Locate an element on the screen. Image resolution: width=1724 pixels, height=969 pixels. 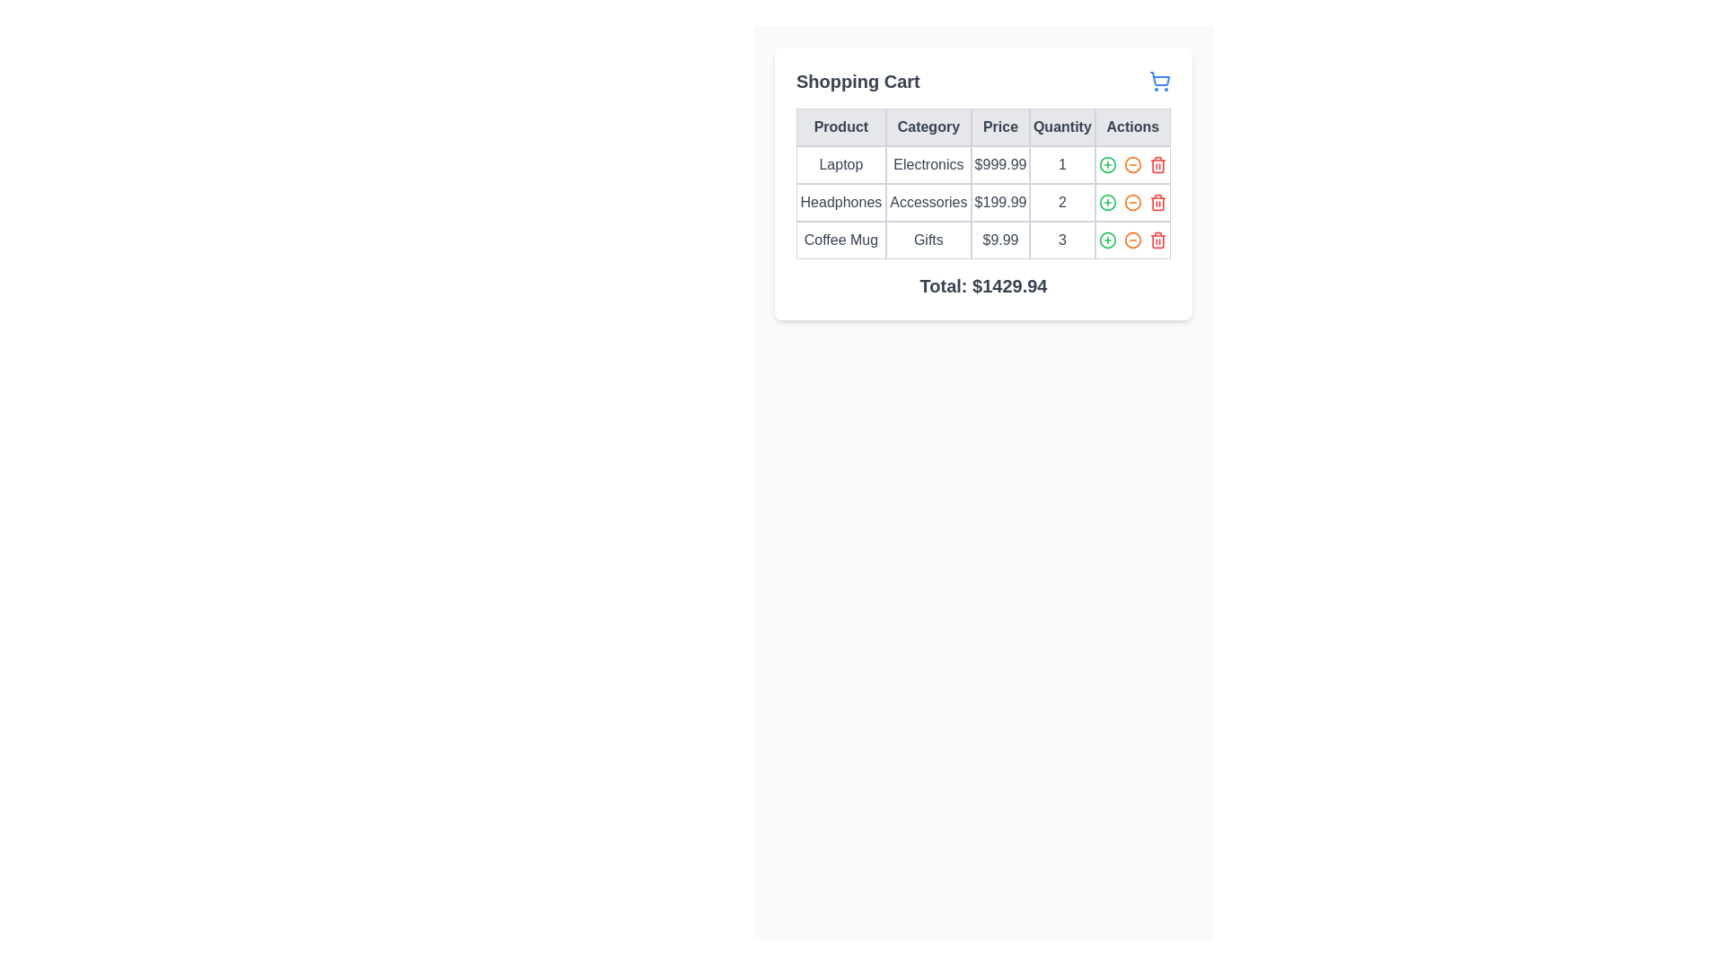
the 'Price' column header in the data table, which is the third column header after 'Product' and 'Category' is located at coordinates (999, 127).